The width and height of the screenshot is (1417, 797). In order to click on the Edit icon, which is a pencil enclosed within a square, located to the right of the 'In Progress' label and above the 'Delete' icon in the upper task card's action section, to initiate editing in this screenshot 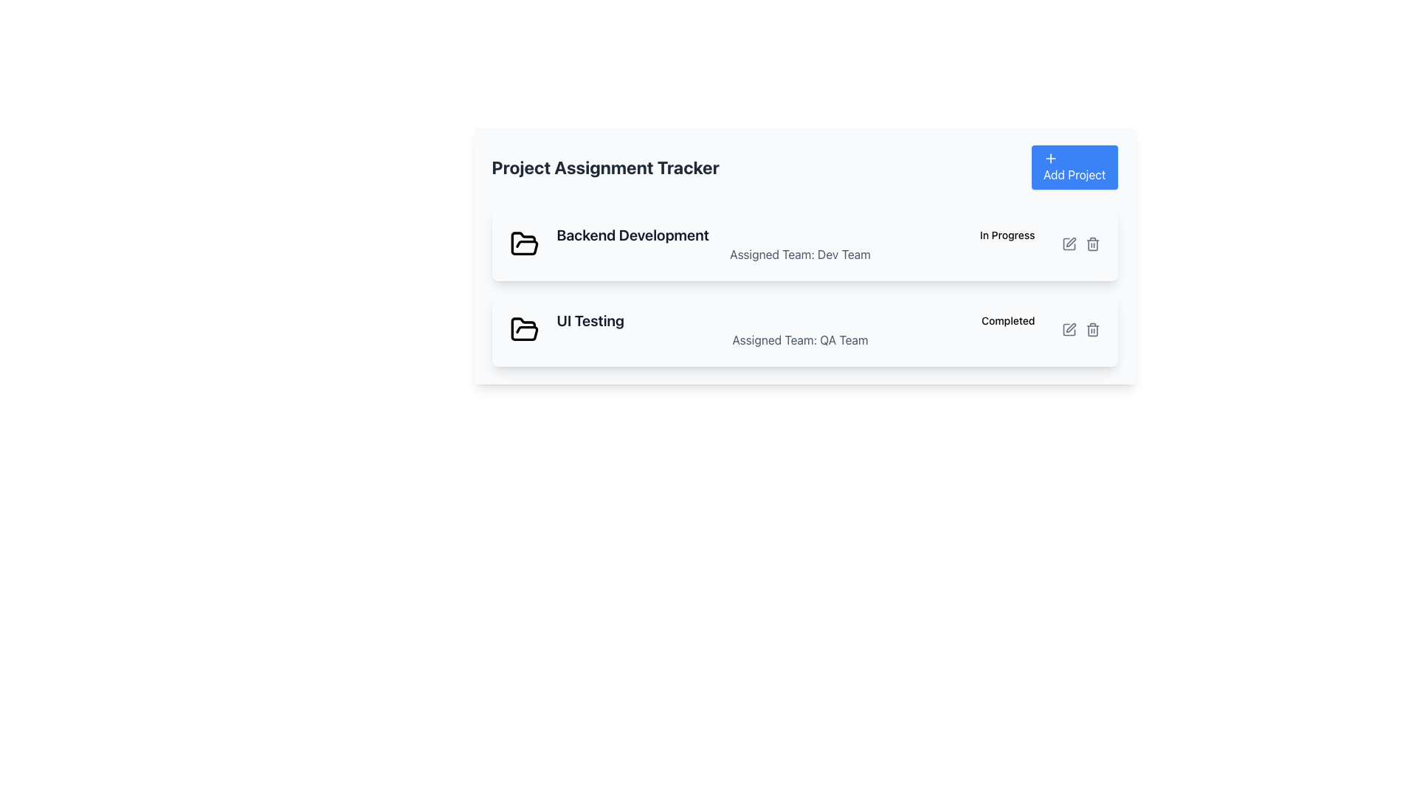, I will do `click(1069, 244)`.